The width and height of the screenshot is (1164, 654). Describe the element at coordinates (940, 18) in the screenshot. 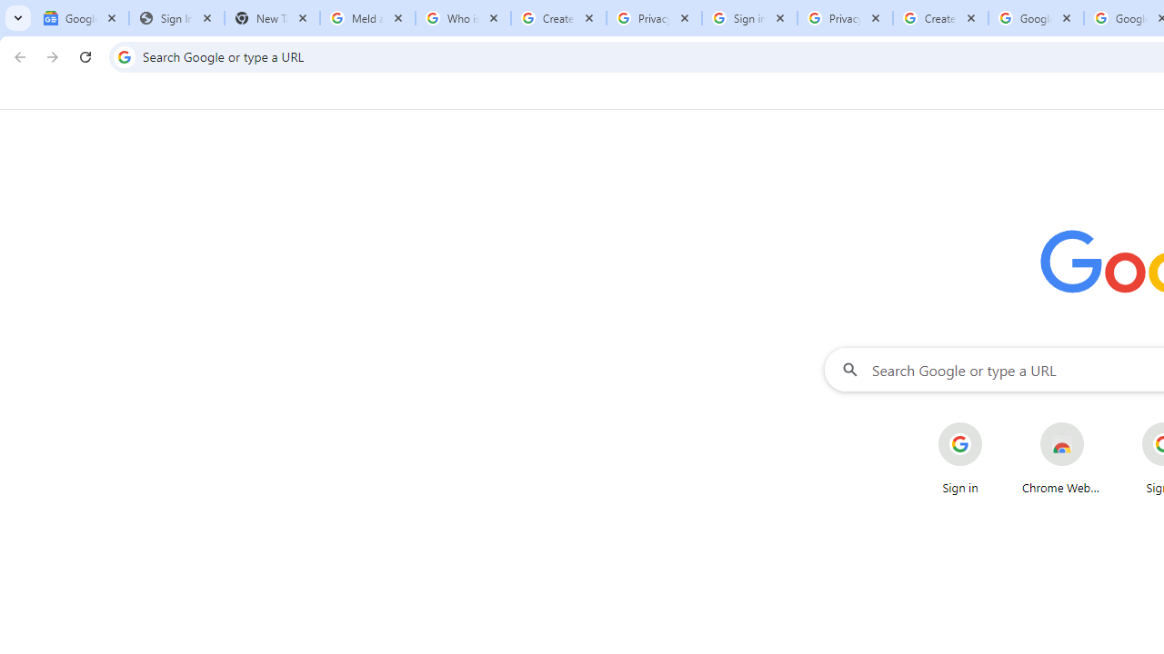

I see `'Create your Google Account'` at that location.